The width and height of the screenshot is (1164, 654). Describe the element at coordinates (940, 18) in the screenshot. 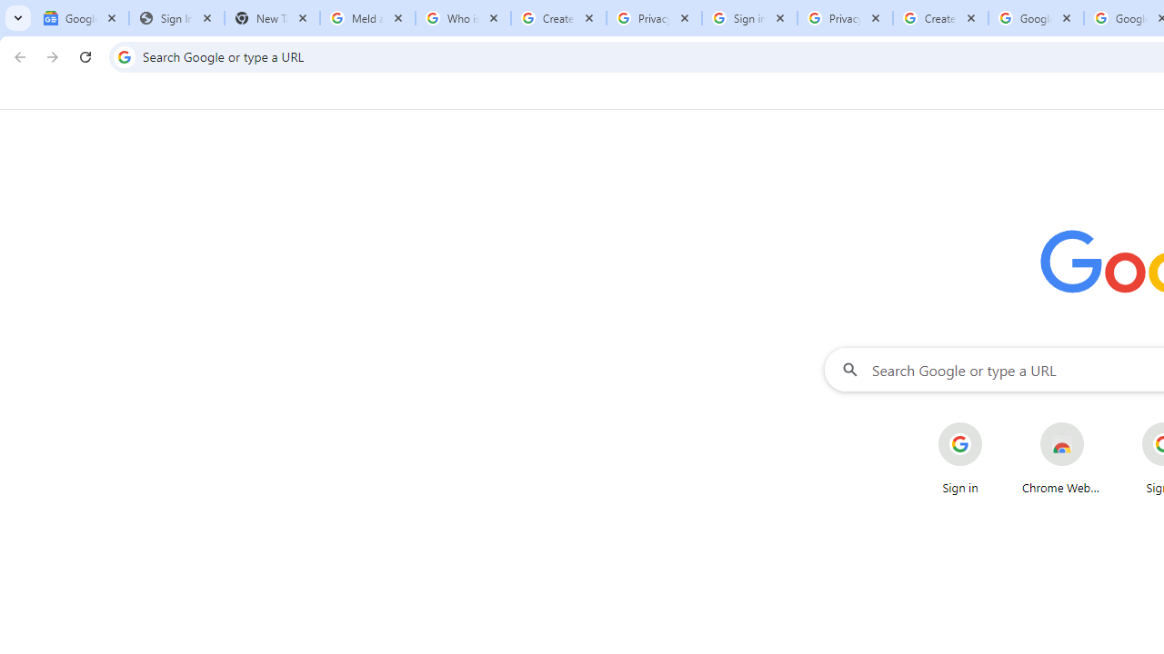

I see `'Create your Google Account'` at that location.